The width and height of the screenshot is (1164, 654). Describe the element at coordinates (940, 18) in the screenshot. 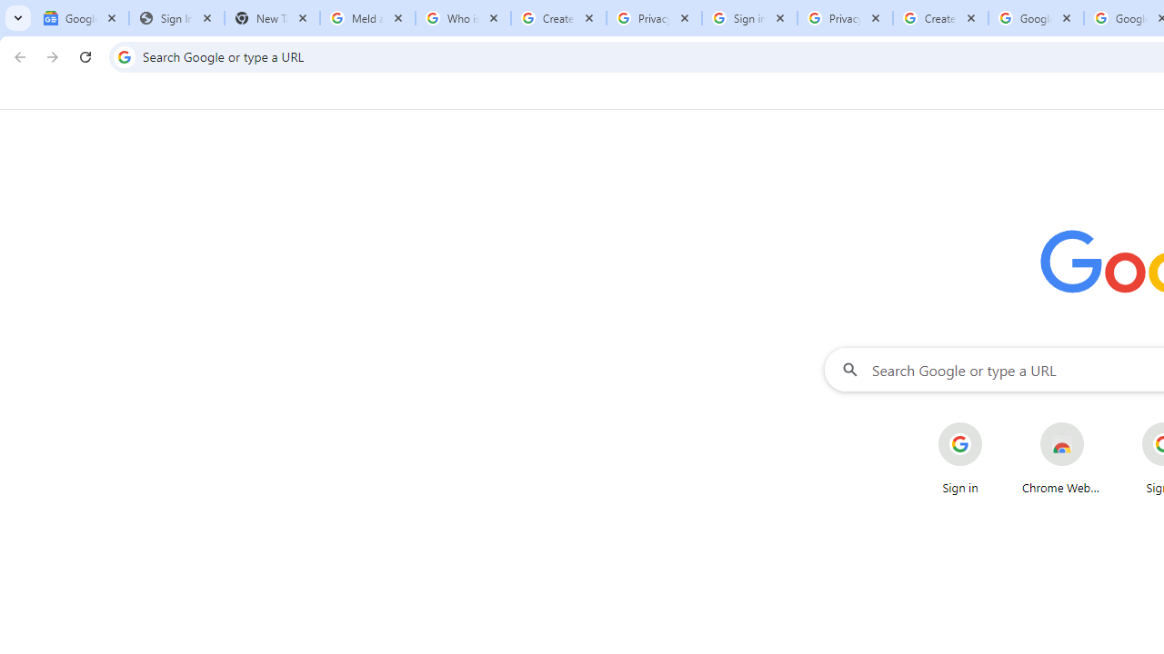

I see `'Create your Google Account'` at that location.